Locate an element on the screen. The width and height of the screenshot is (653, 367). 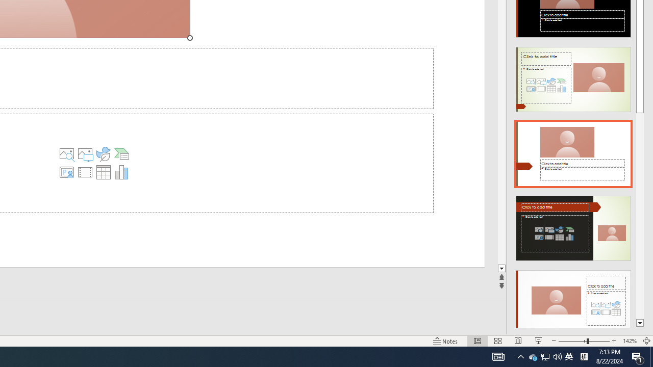
'Insert an Icon' is located at coordinates (103, 154).